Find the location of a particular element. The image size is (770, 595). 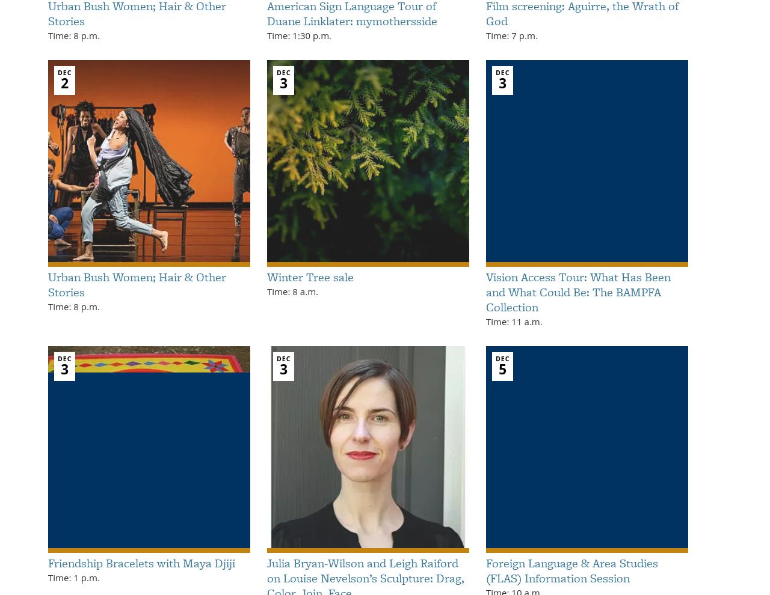

'Time: 1:30 p.m.' is located at coordinates (299, 35).